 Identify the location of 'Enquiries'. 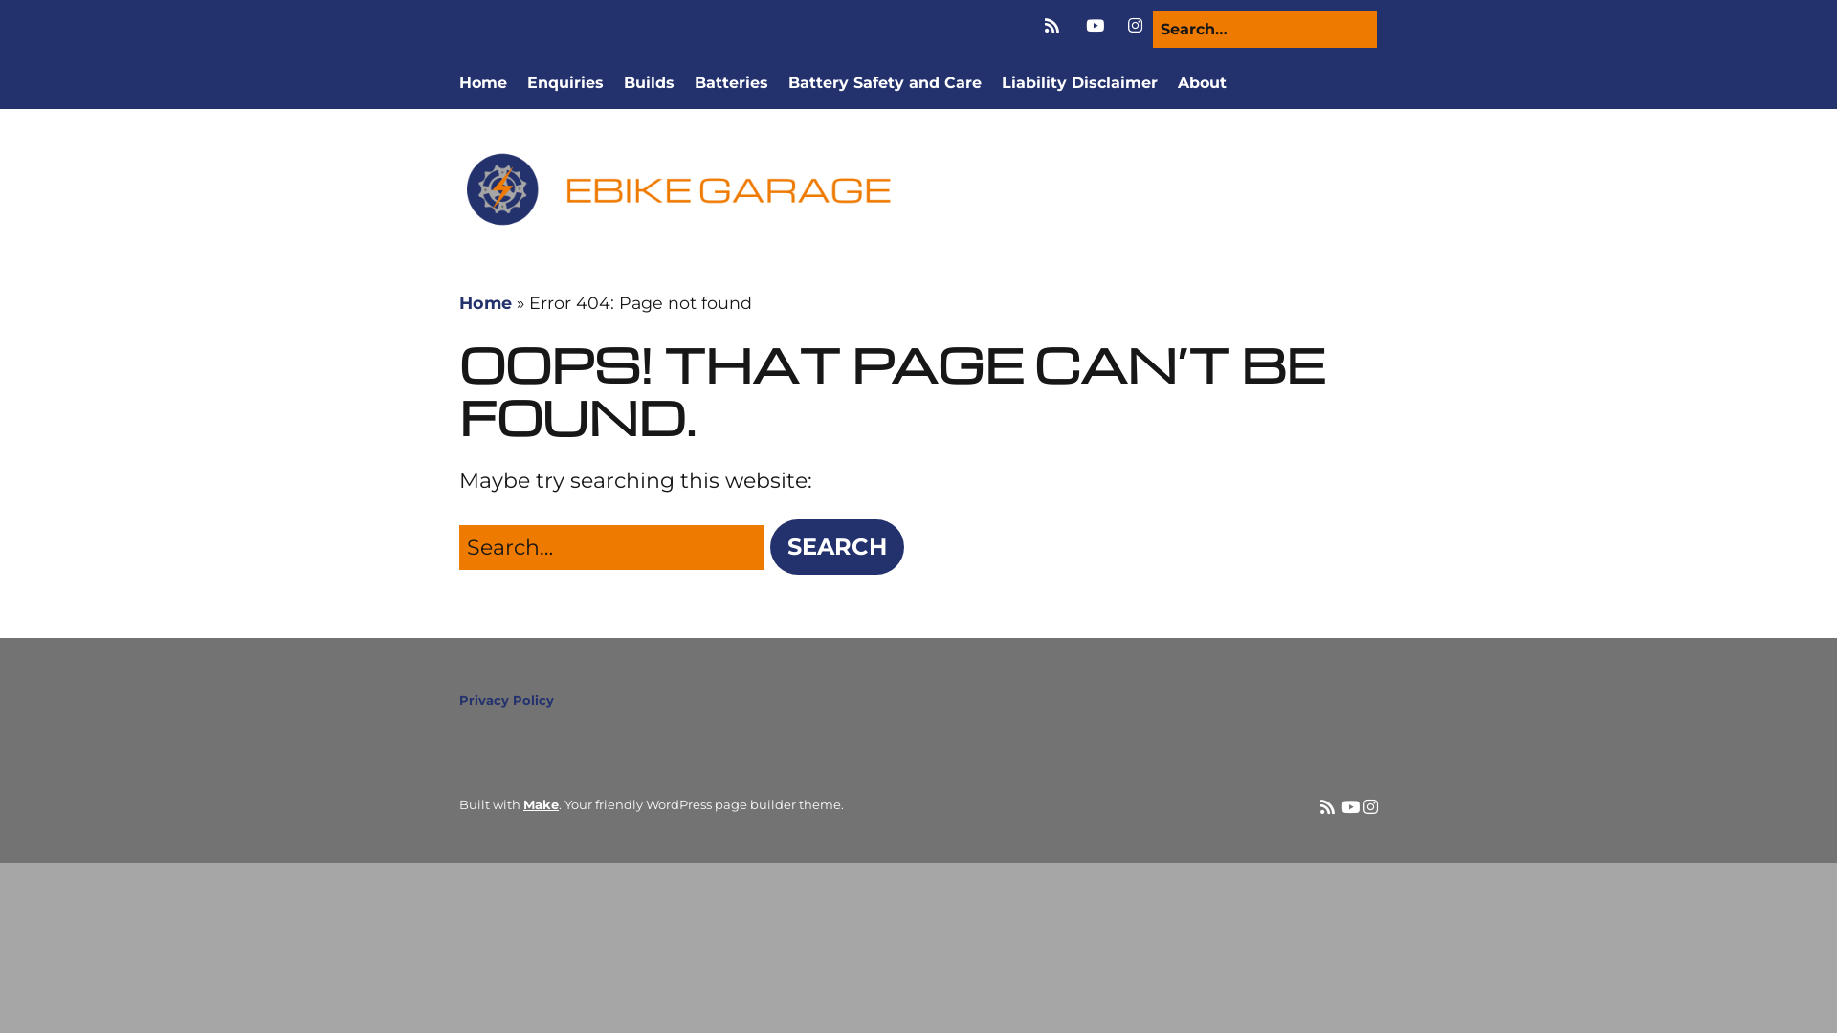
(564, 82).